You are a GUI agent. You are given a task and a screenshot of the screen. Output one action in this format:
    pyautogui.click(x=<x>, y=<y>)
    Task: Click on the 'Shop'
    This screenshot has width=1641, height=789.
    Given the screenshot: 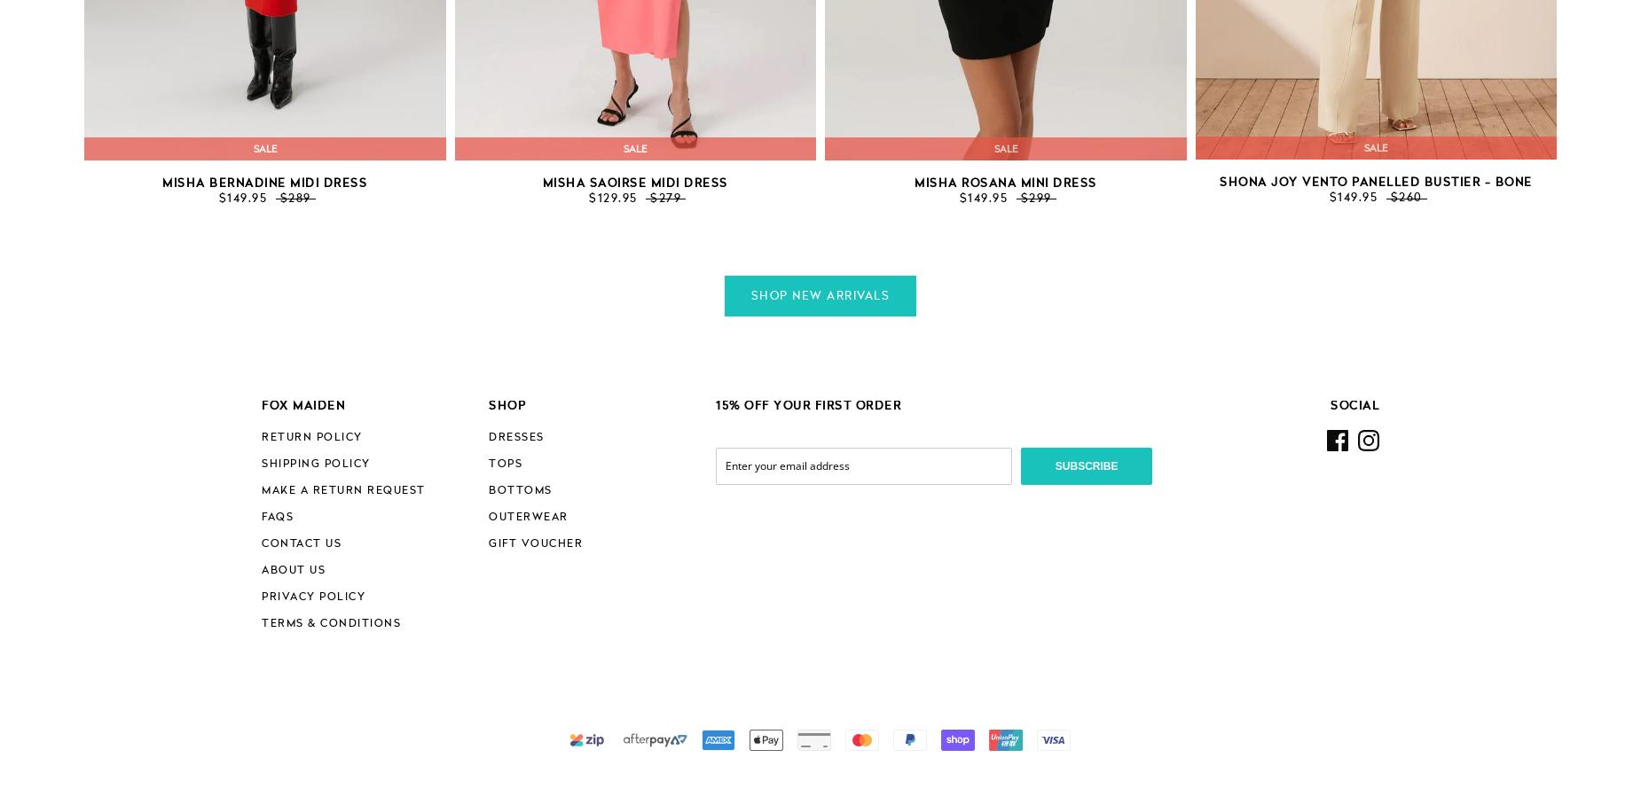 What is the action you would take?
    pyautogui.click(x=507, y=405)
    